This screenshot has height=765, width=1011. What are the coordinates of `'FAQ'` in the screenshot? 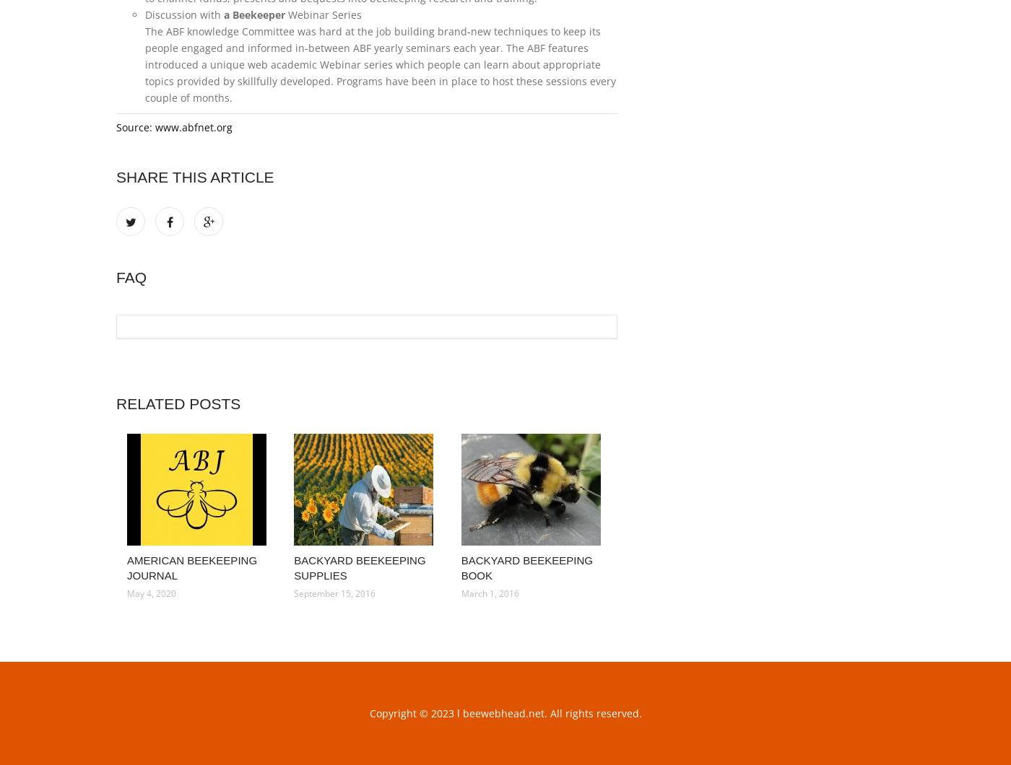 It's located at (131, 277).